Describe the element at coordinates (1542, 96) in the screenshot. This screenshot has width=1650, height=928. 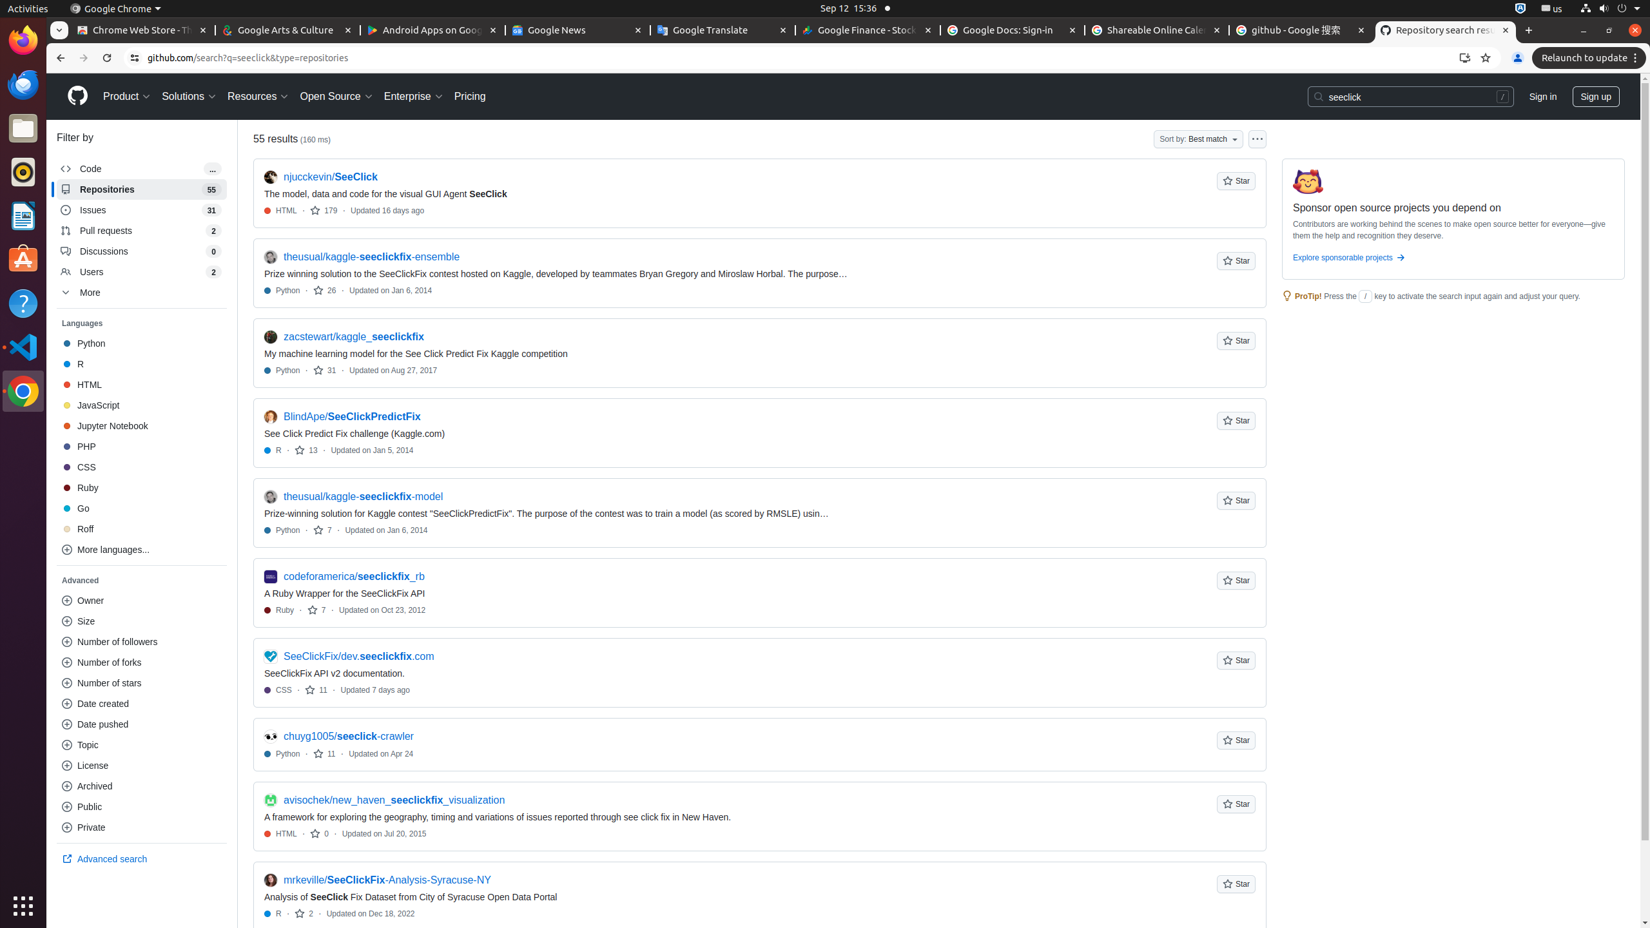
I see `'Sign in'` at that location.